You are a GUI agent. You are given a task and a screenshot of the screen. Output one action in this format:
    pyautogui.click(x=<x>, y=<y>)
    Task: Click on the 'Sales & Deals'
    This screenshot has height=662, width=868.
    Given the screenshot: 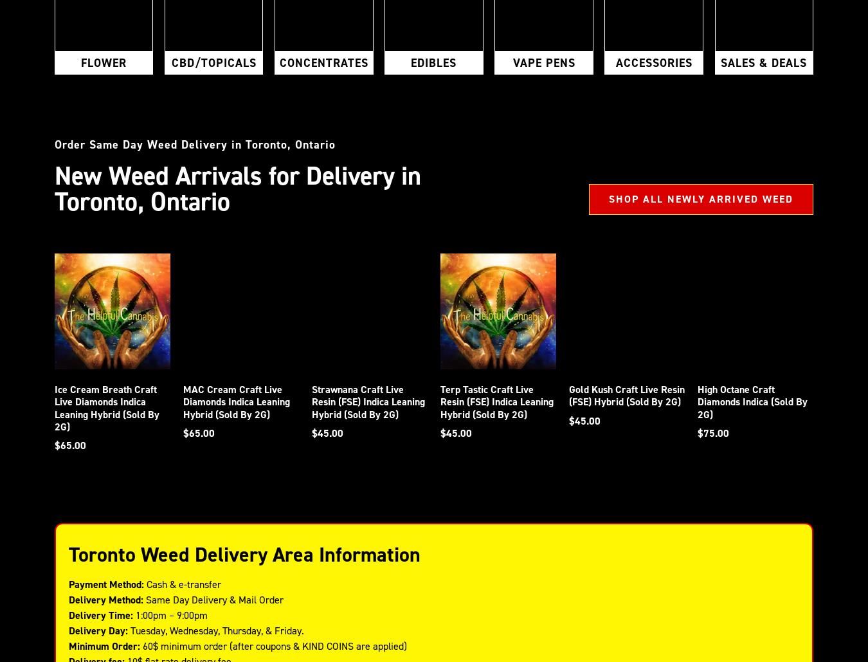 What is the action you would take?
    pyautogui.click(x=763, y=62)
    